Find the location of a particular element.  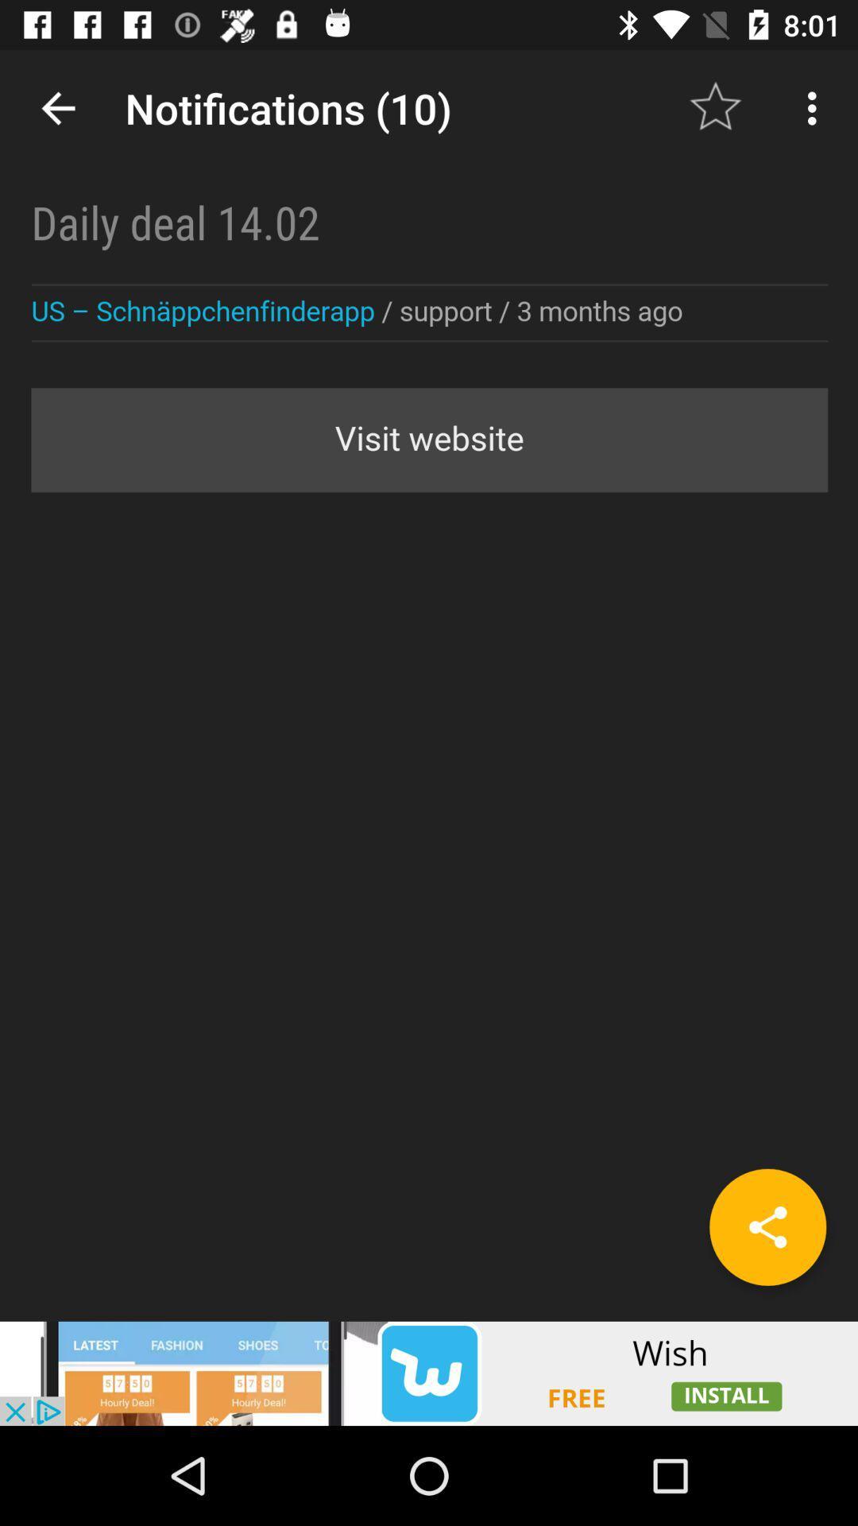

description is located at coordinates (429, 685).